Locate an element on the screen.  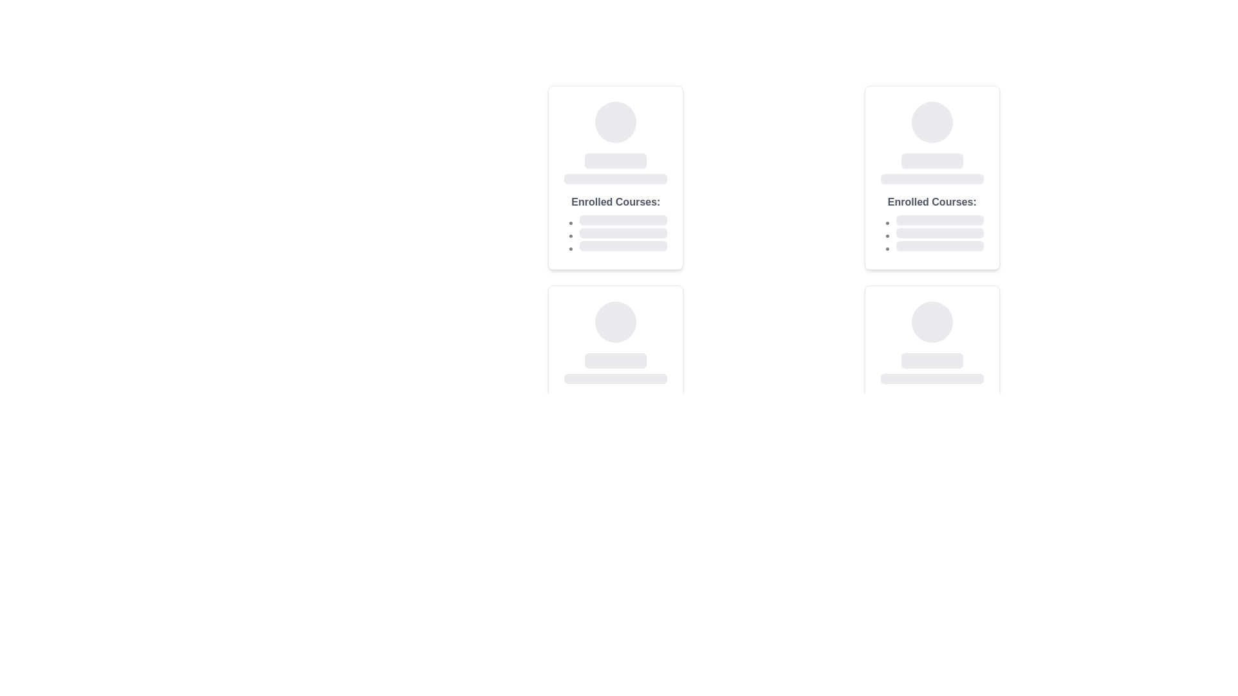
the circular loading indicator located at the bottom-center of the lower-left card, which has a gray background and smooth rounded appearance is located at coordinates (615, 322).